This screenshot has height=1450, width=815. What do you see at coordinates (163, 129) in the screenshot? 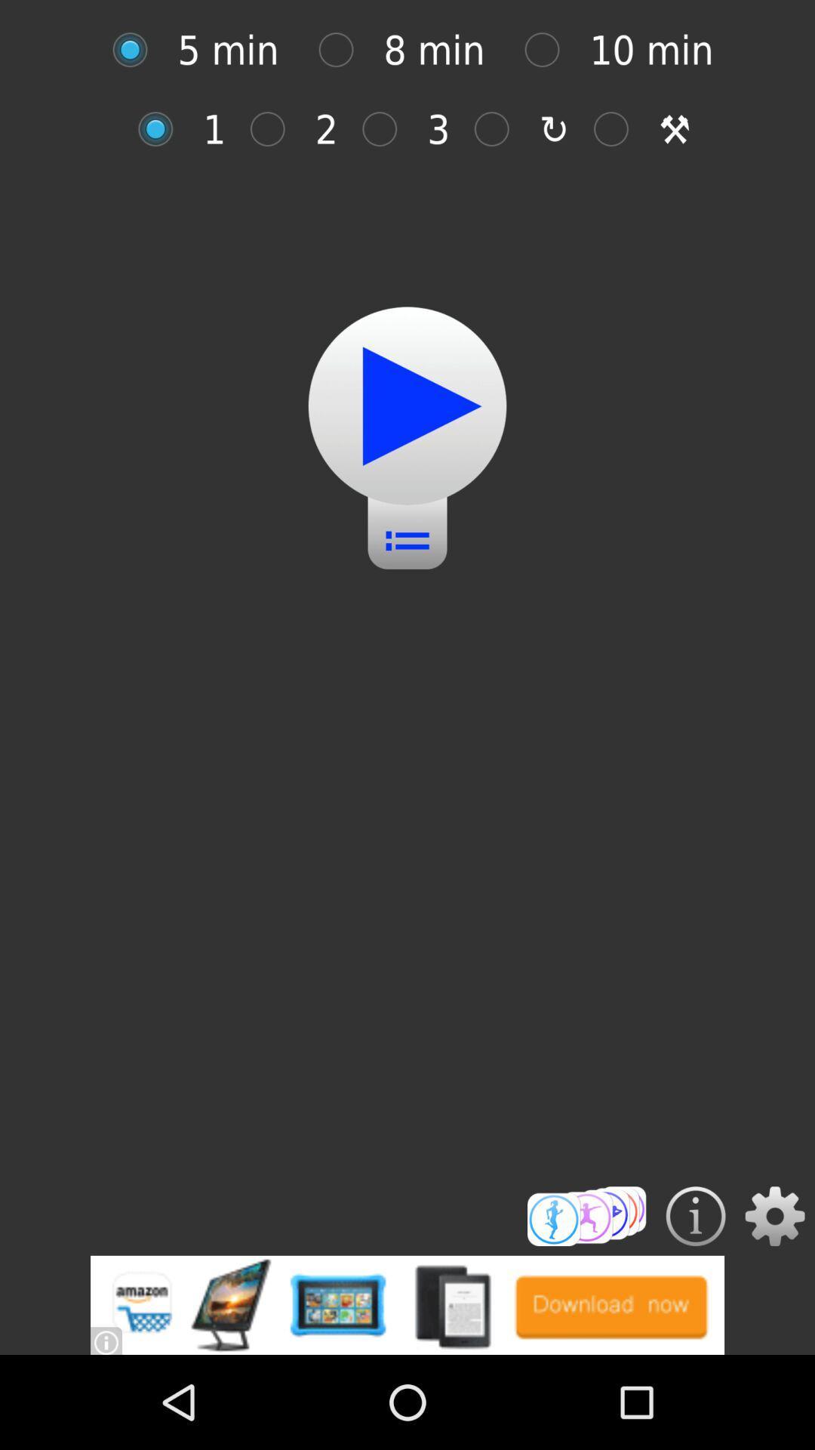
I see `selection 1` at bounding box center [163, 129].